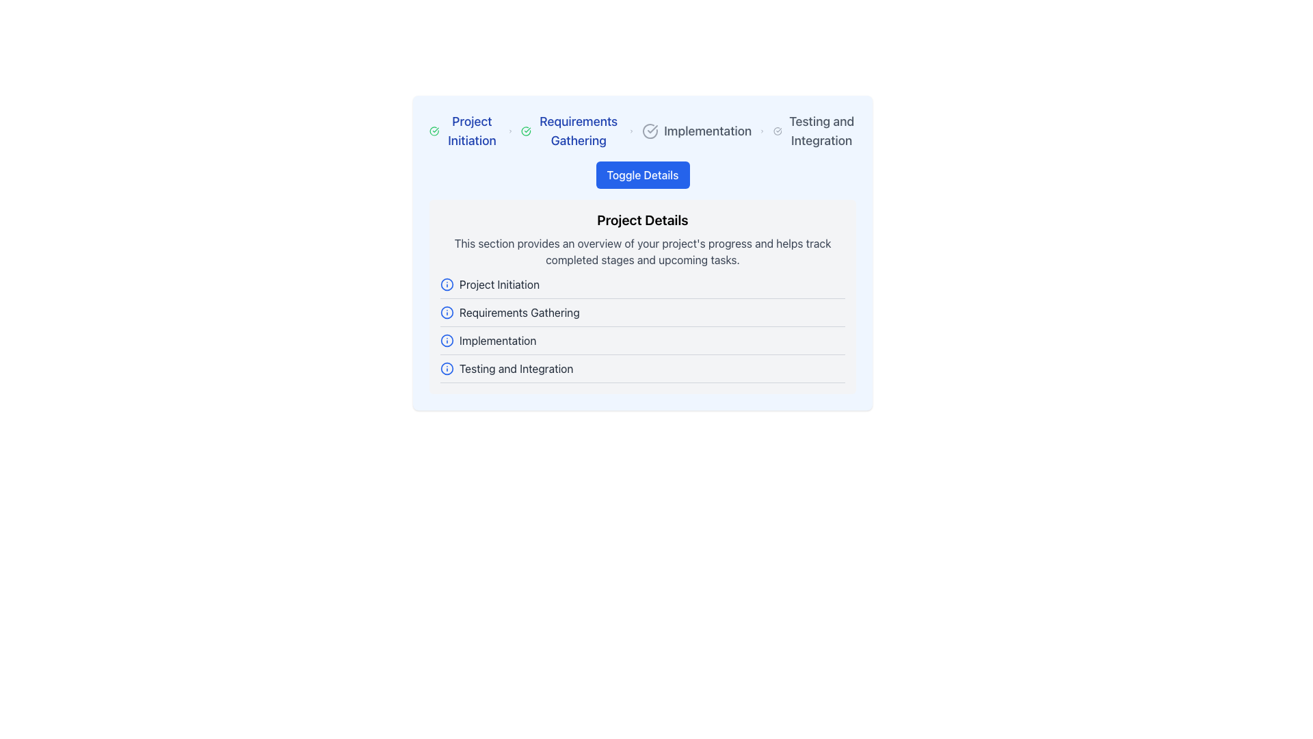 The height and width of the screenshot is (739, 1313). What do you see at coordinates (570, 131) in the screenshot?
I see `the interactive label indicating the 'Requirements Gathering' step in the project timeline` at bounding box center [570, 131].